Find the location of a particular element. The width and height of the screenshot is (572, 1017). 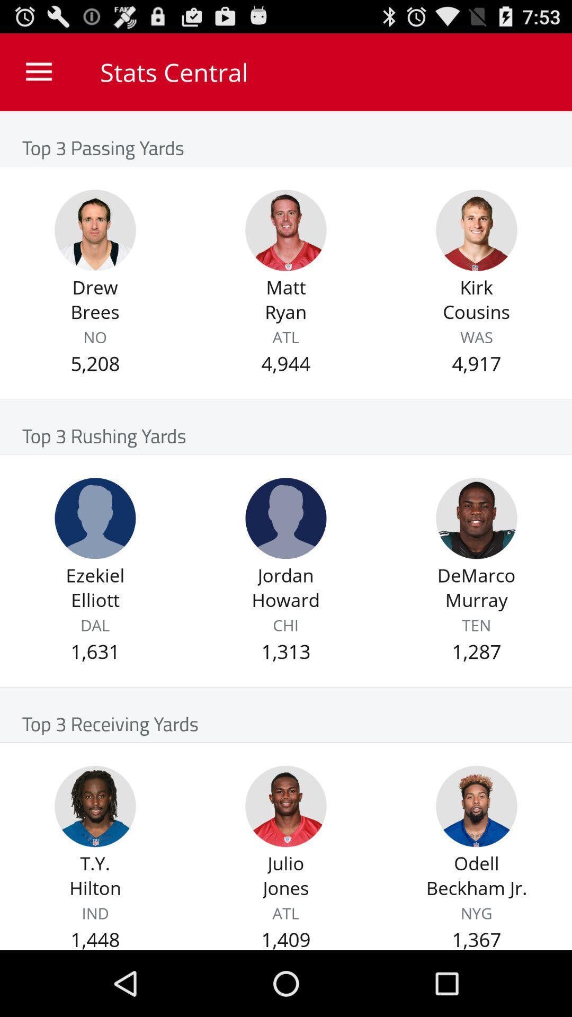

kirk cousins is located at coordinates (476, 230).